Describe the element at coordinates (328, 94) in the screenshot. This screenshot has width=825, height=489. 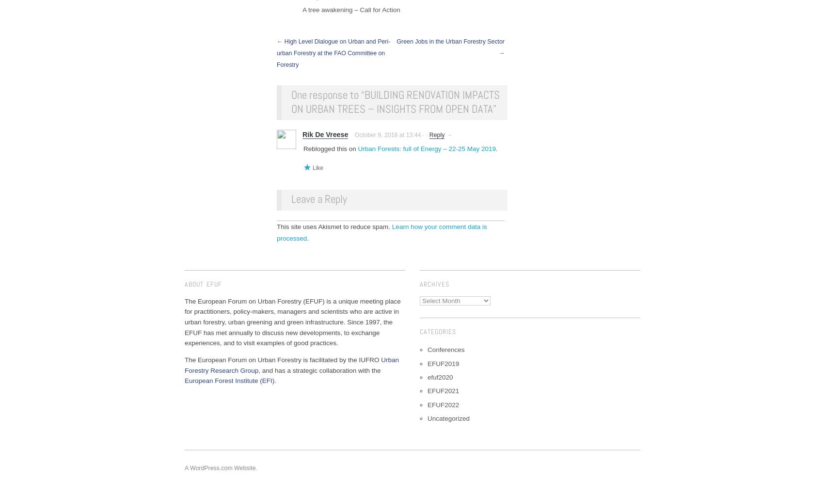
I see `'One response to “'` at that location.